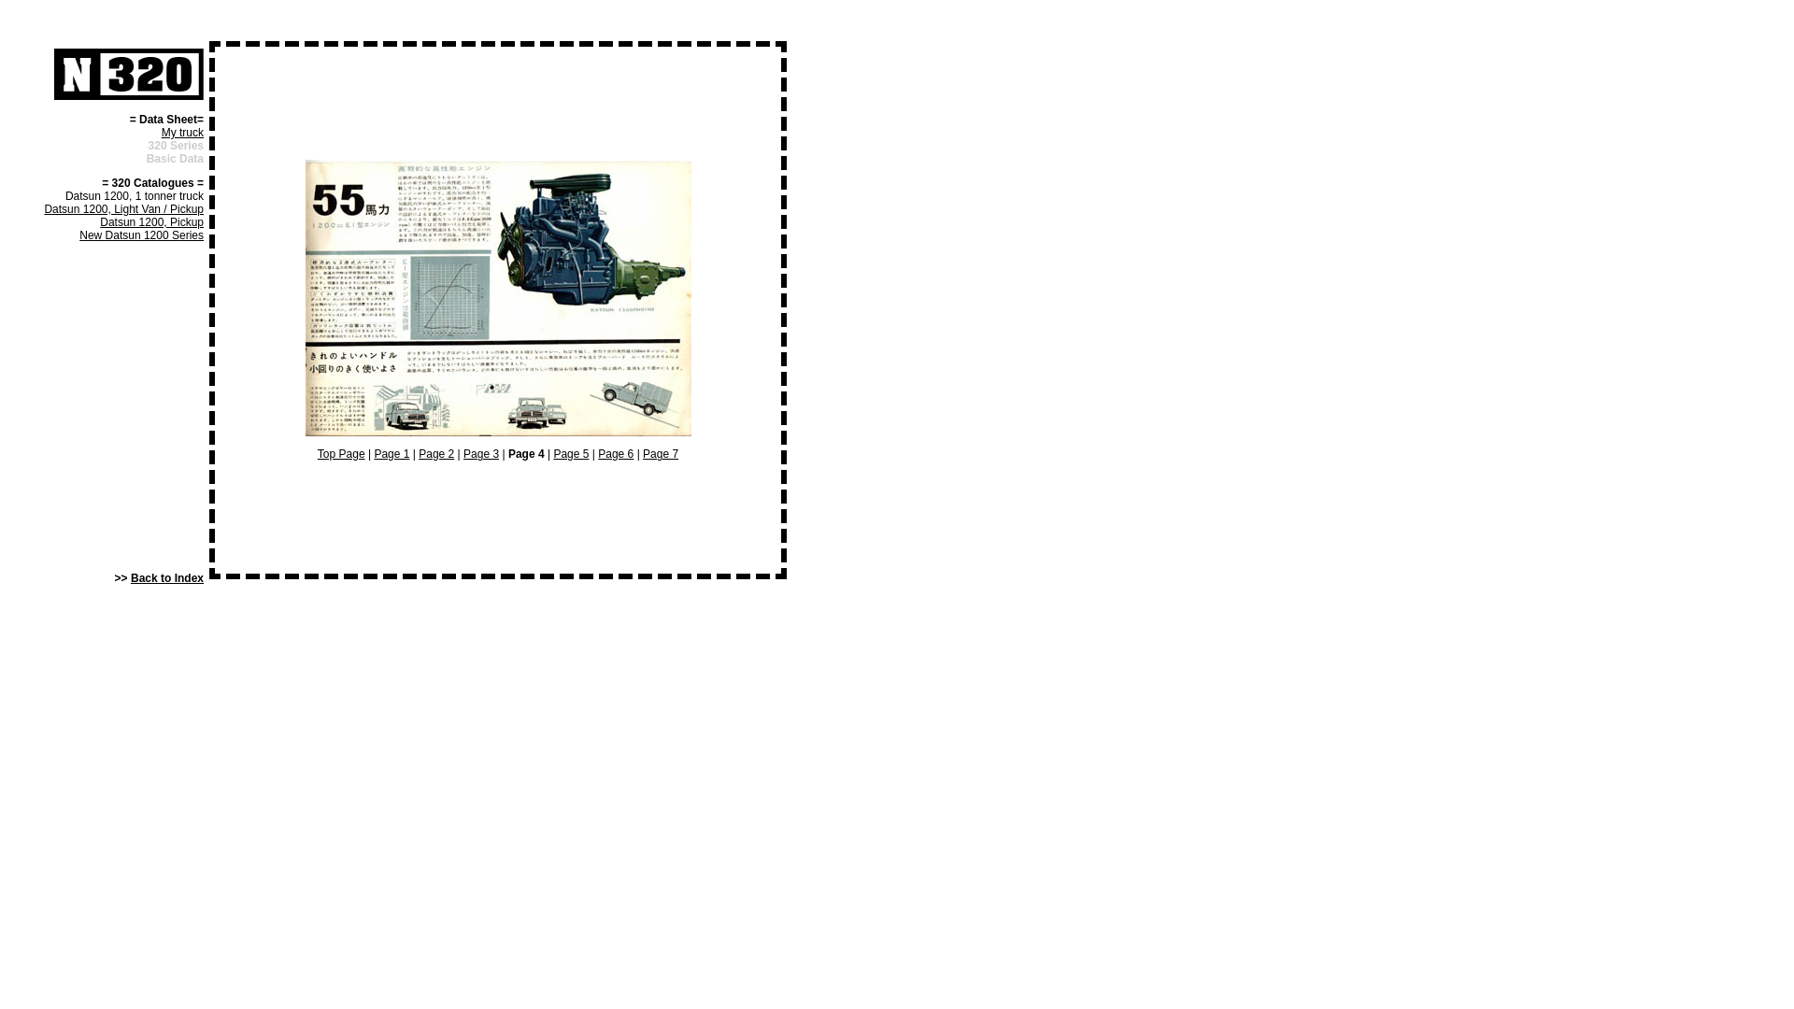  I want to click on 'Page 6', so click(596, 454).